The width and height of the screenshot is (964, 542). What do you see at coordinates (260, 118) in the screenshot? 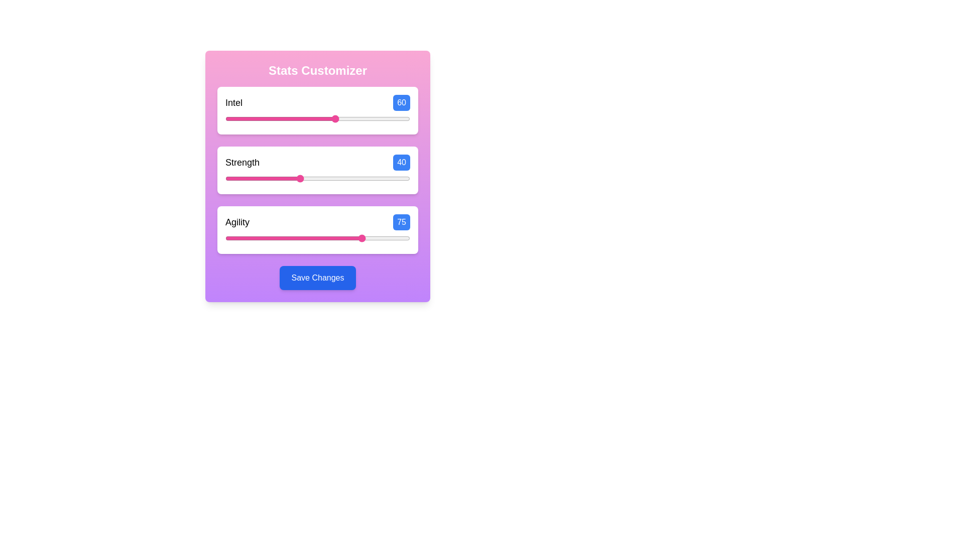
I see `the slider` at bounding box center [260, 118].